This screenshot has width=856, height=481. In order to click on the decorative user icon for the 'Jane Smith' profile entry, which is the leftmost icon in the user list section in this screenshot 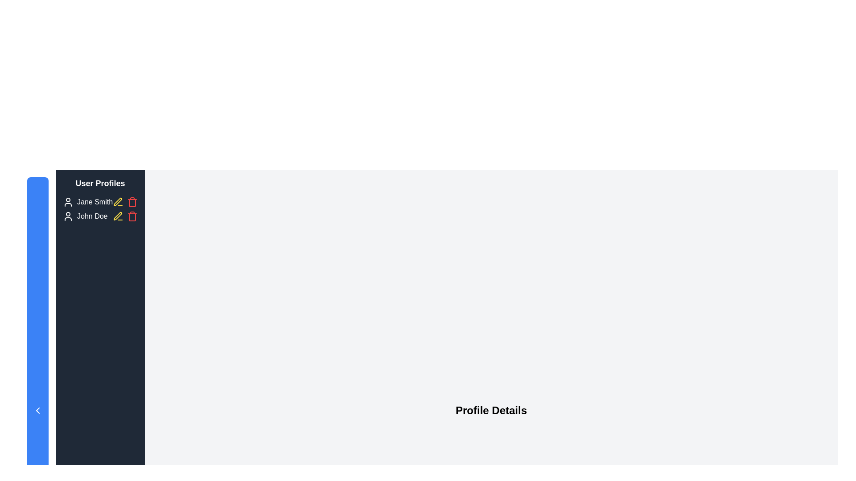, I will do `click(68, 202)`.